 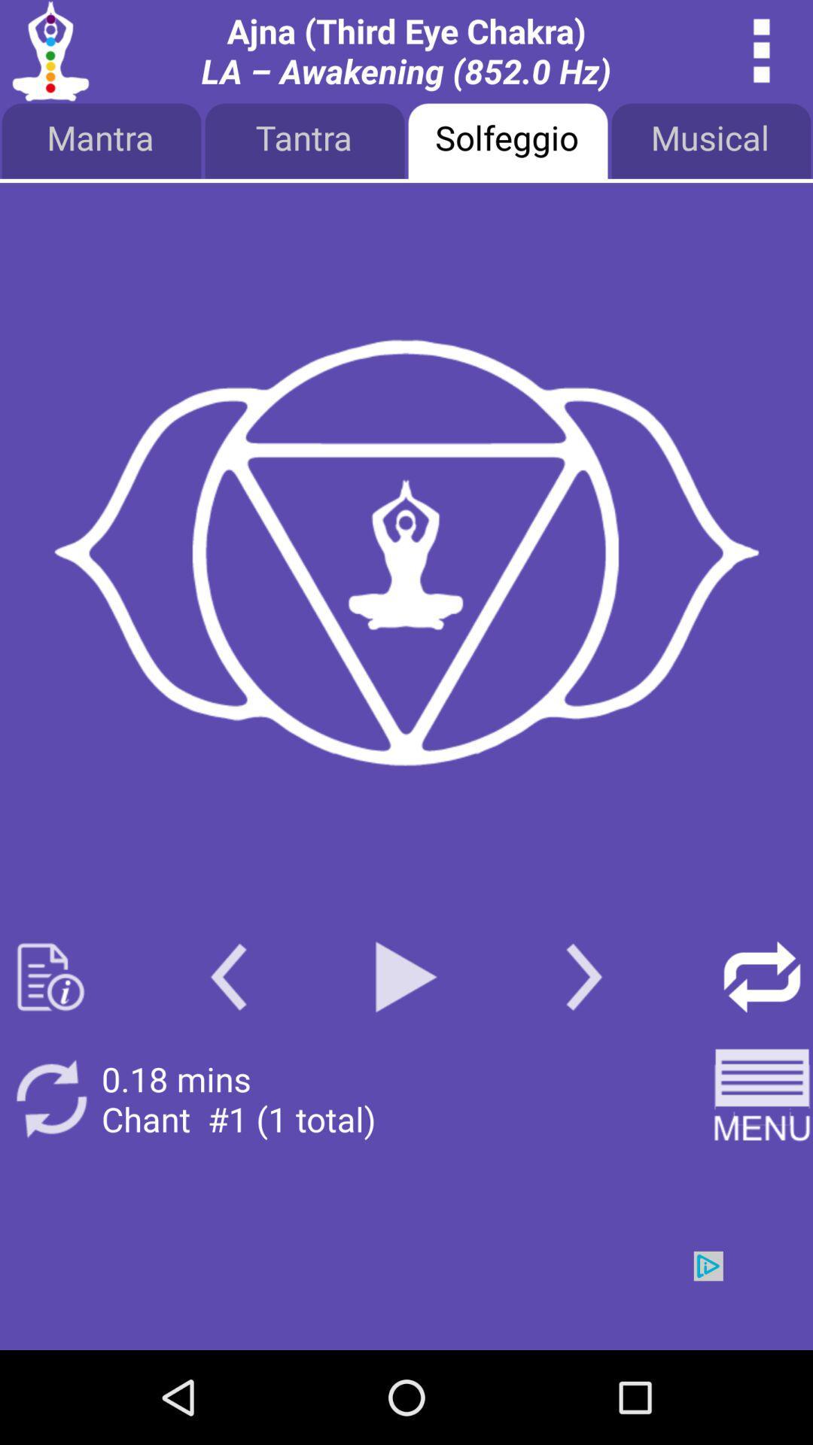 I want to click on advertisement page, so click(x=405, y=553).